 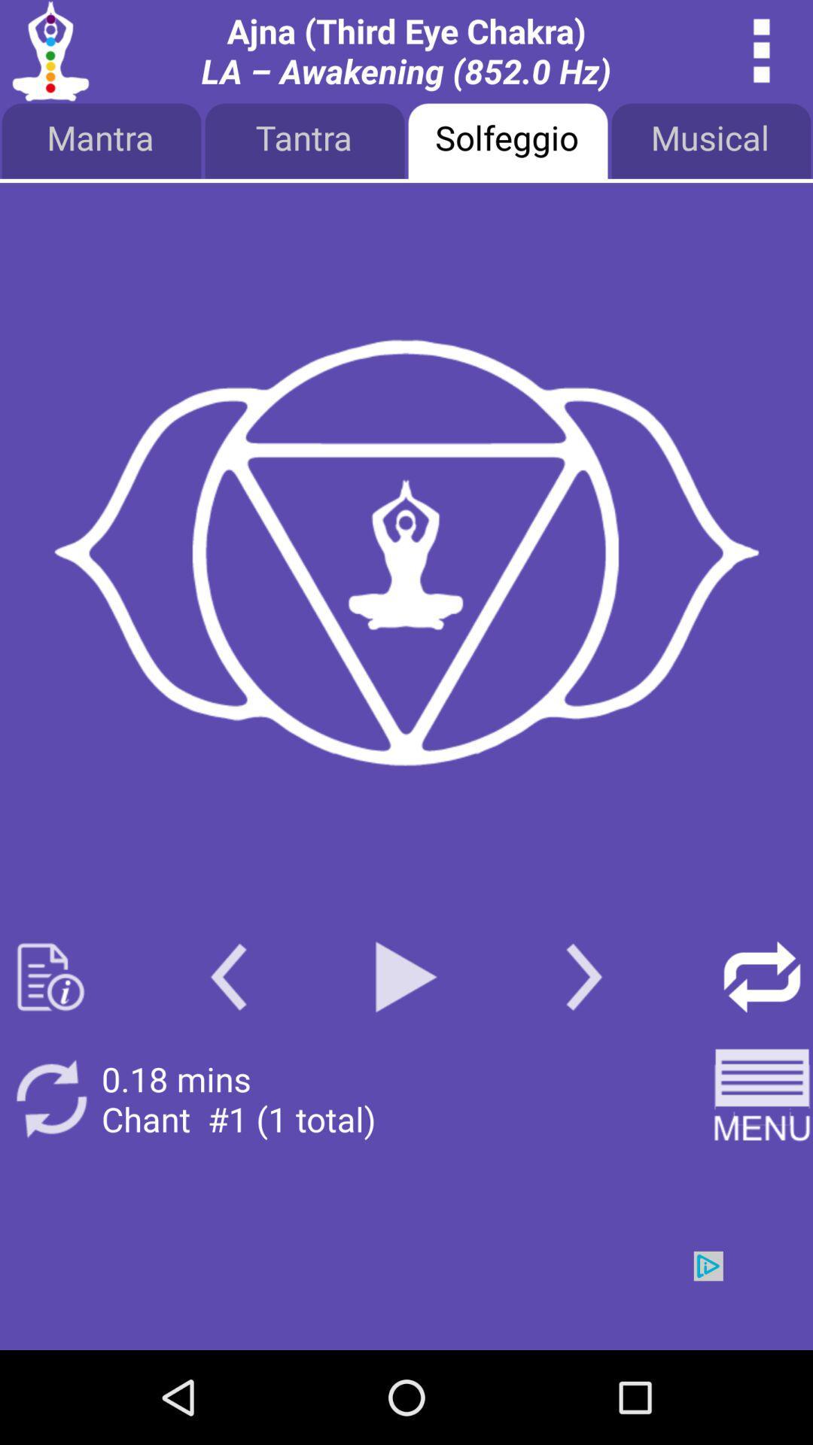 I want to click on advertisement page, so click(x=405, y=553).